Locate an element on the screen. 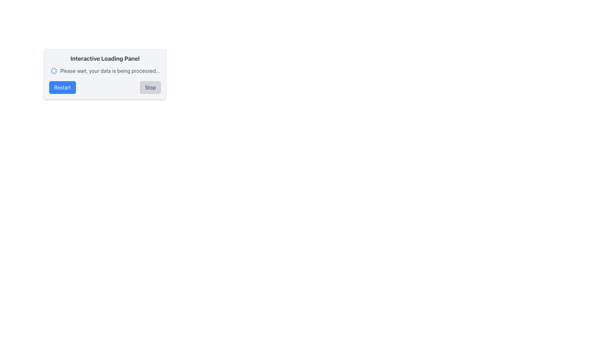 The image size is (613, 345). the 'Stop' button, which is a rectangular button with medium gray text on a light gray background, located to the right of the 'Restart' button is located at coordinates (150, 87).